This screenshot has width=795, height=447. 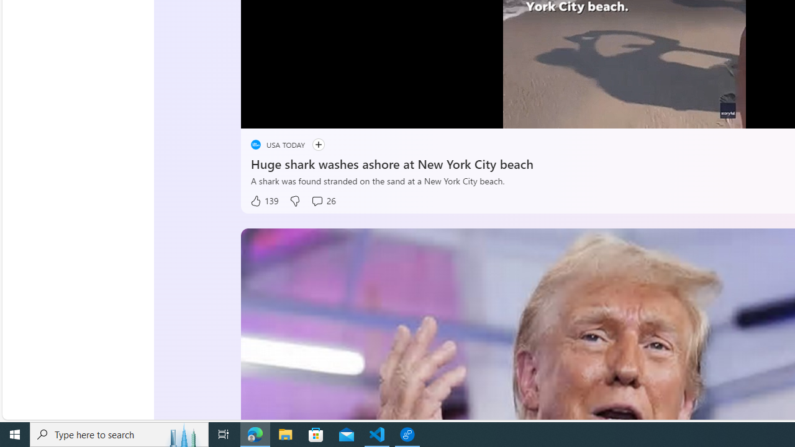 I want to click on 'Dislike', so click(x=294, y=201).